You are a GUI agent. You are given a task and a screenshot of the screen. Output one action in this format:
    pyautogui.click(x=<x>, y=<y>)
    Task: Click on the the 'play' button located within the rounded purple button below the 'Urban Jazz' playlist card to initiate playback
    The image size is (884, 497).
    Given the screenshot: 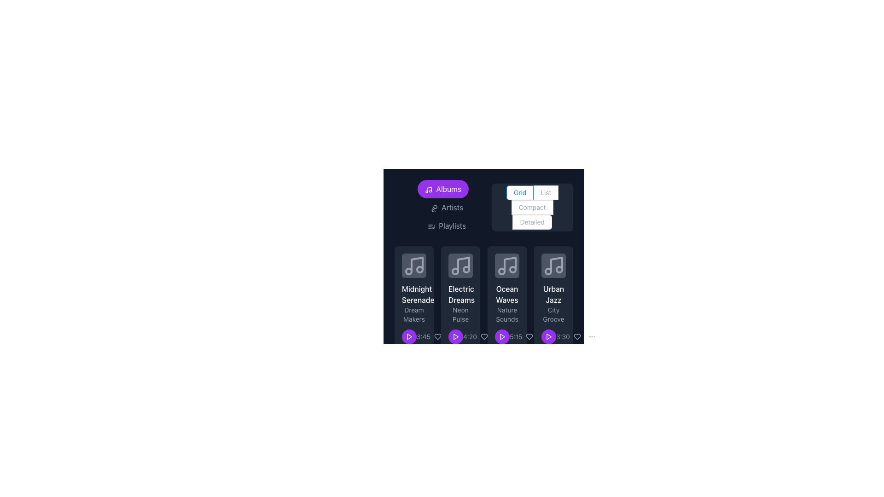 What is the action you would take?
    pyautogui.click(x=548, y=337)
    